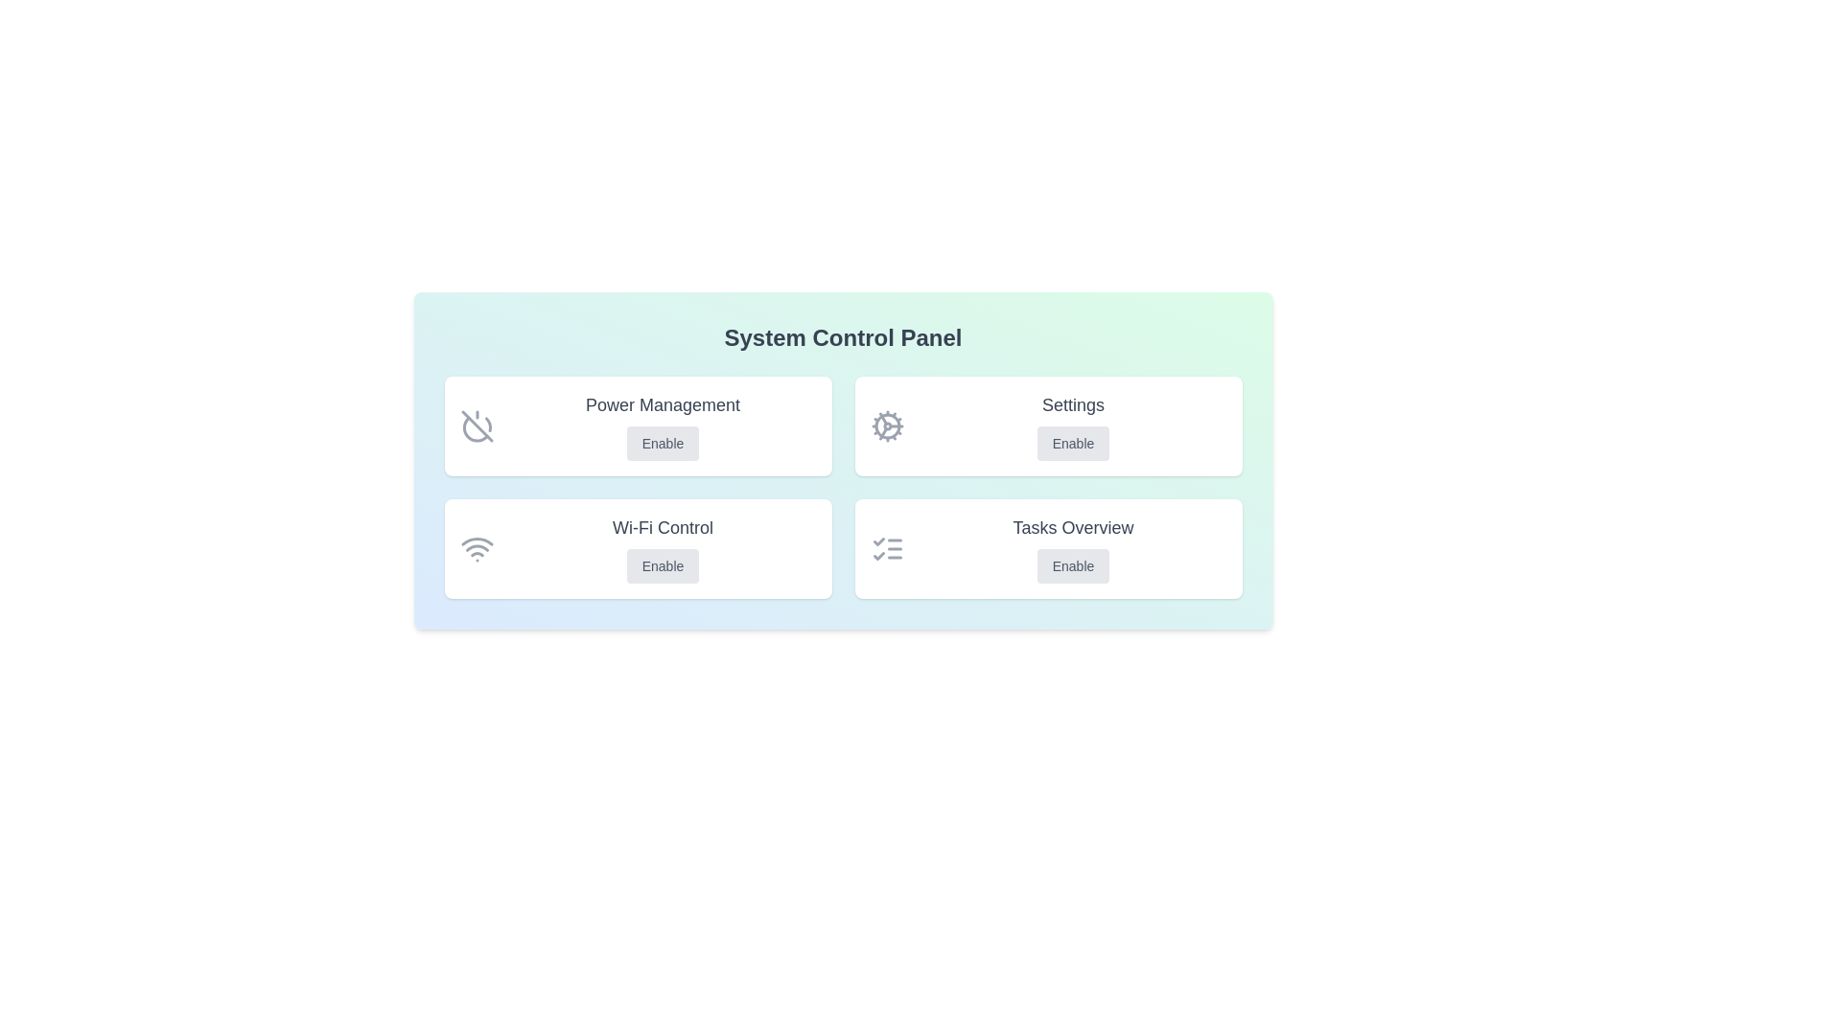 This screenshot has height=1035, width=1841. I want to click on the 'Enable' button located beneath the 'Power Management' label in the upper-left cell of the grid, so click(663, 425).